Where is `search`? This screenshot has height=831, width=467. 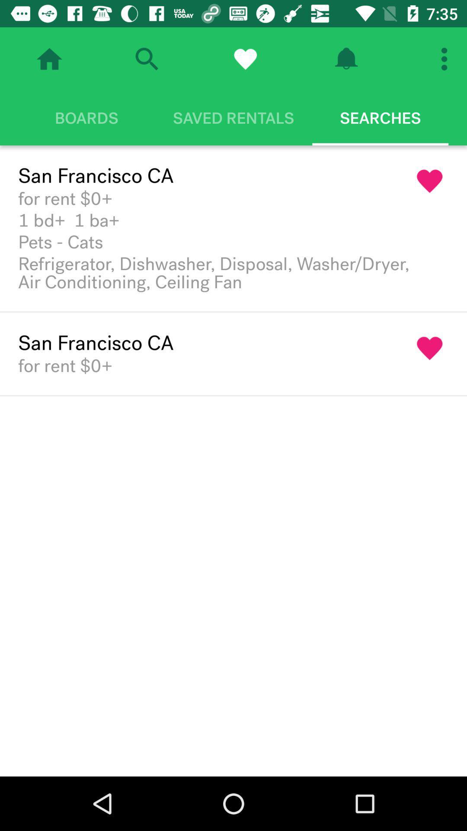
search is located at coordinates (146, 58).